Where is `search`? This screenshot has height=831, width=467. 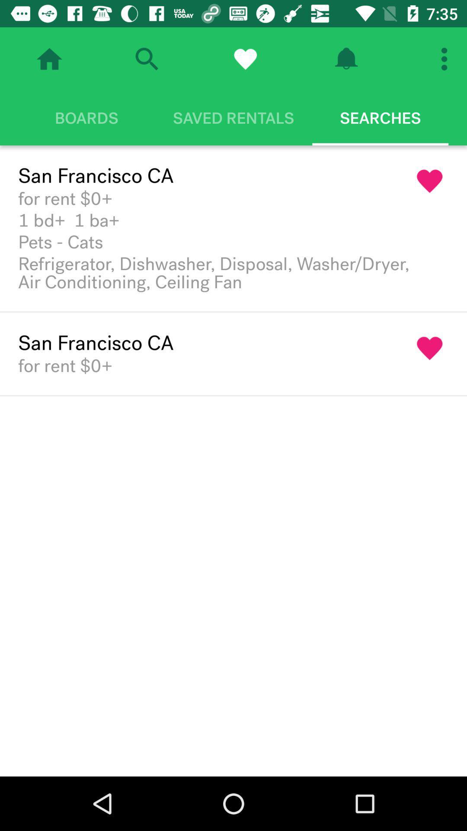
search is located at coordinates (146, 58).